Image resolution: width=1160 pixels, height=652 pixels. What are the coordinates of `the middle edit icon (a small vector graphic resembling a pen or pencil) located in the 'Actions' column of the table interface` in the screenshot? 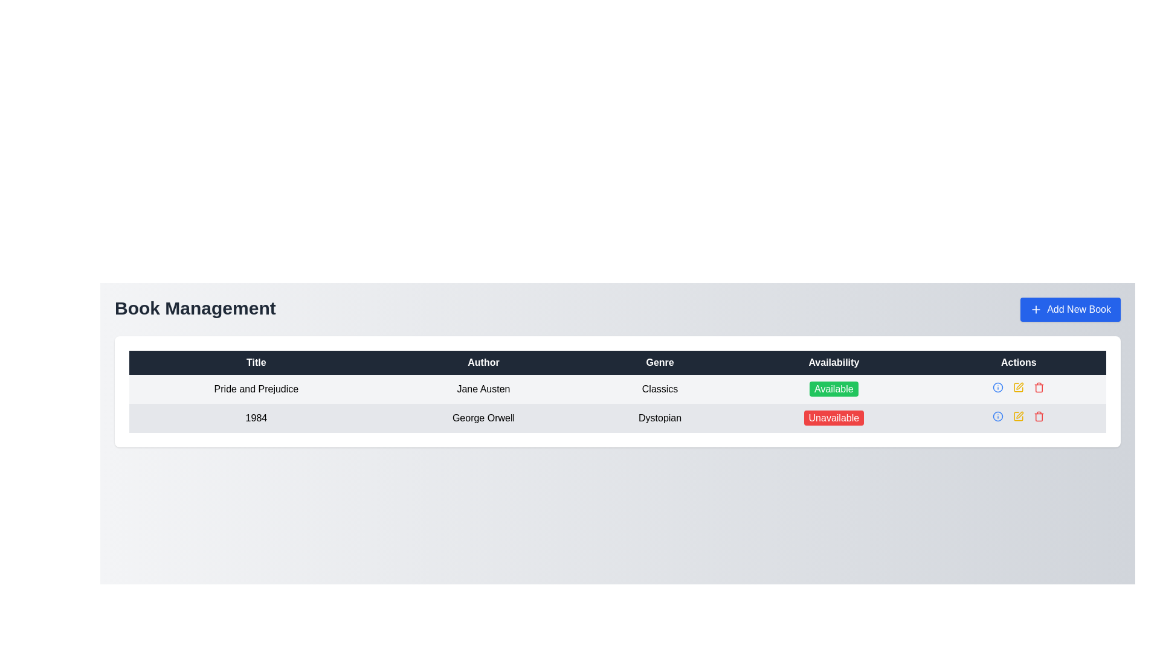 It's located at (1019, 414).